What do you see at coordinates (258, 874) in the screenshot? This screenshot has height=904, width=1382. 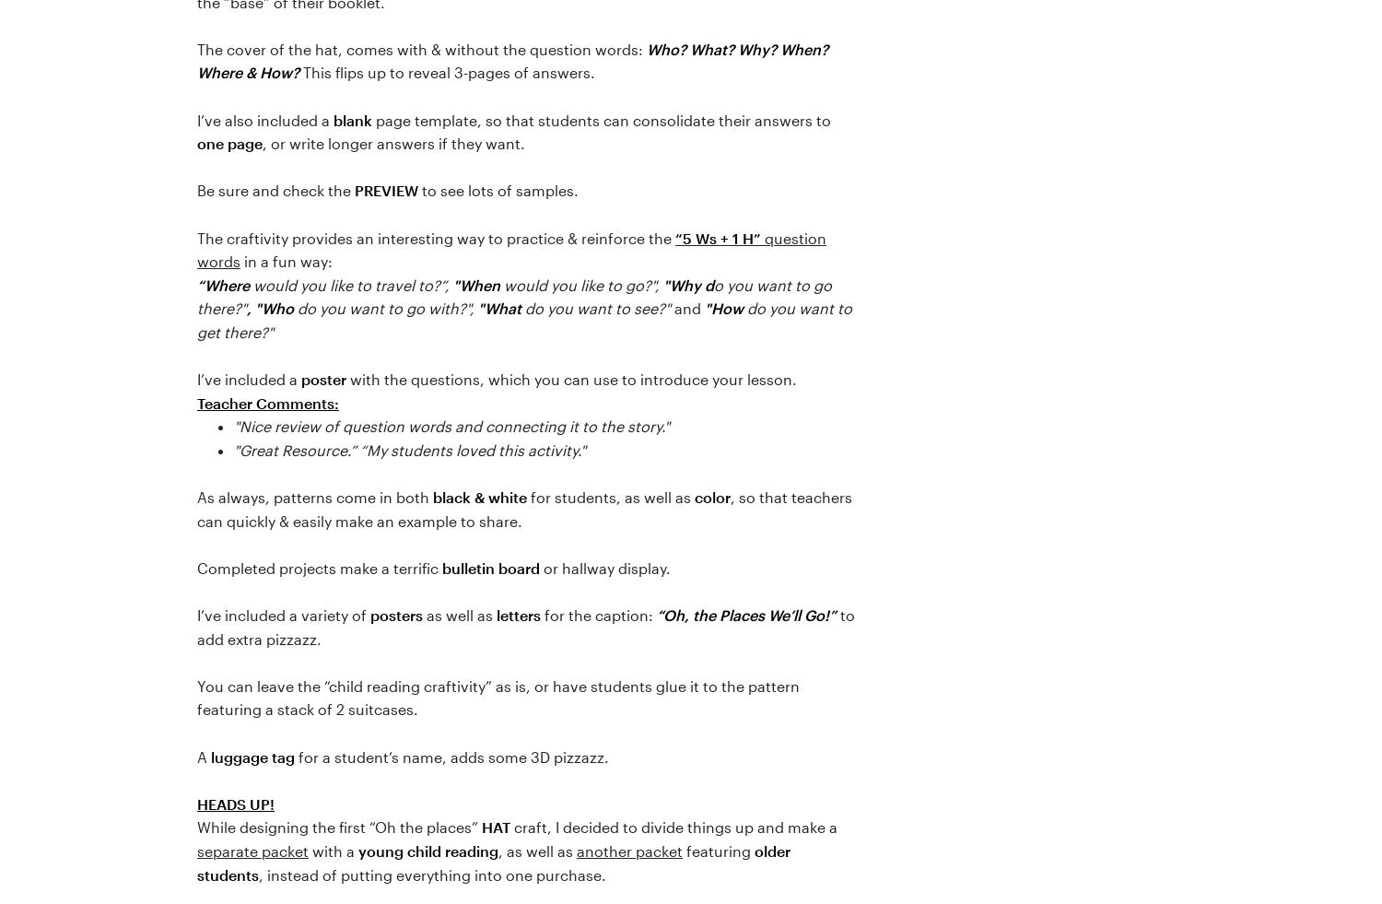 I see `', instead of putting everything into one purchase.'` at bounding box center [258, 874].